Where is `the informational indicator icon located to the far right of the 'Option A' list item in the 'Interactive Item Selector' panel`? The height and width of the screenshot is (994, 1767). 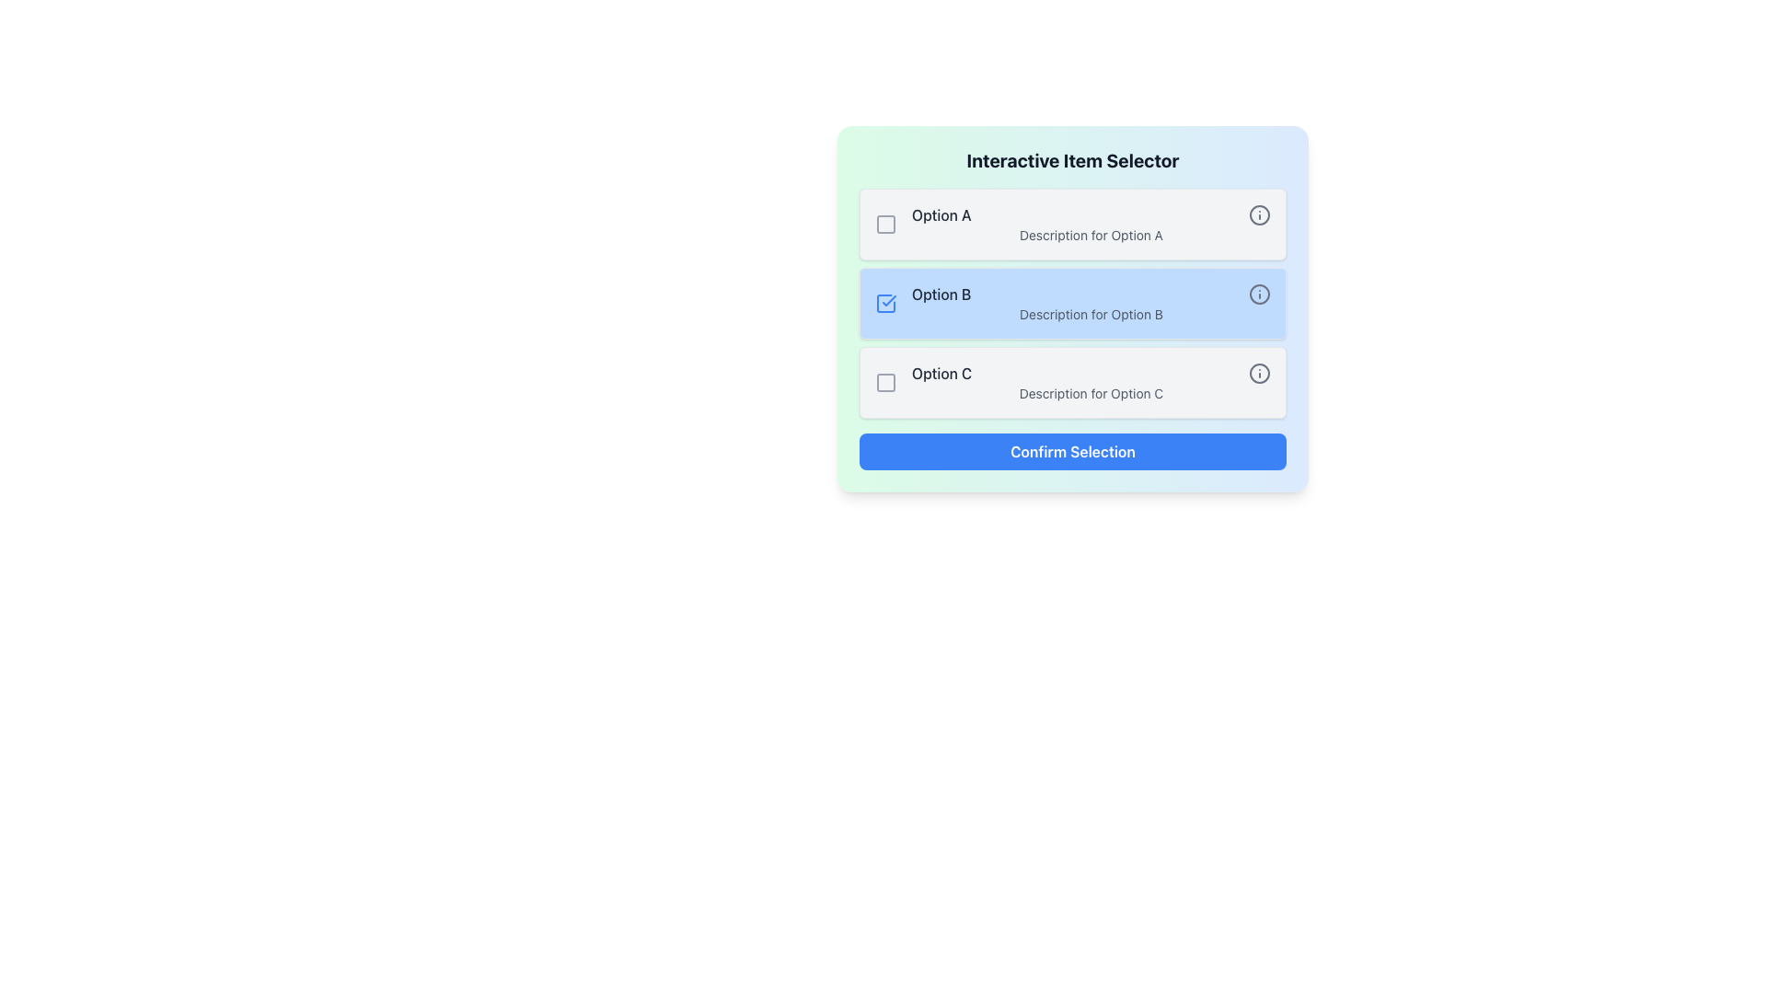 the informational indicator icon located to the far right of the 'Option A' list item in the 'Interactive Item Selector' panel is located at coordinates (1258, 214).